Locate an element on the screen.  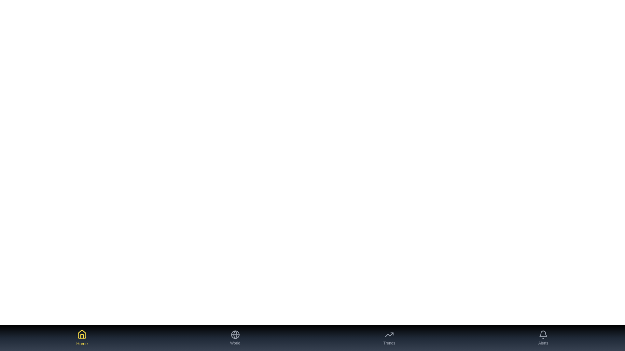
the Alerts tab to inspect its visual feedback is located at coordinates (543, 338).